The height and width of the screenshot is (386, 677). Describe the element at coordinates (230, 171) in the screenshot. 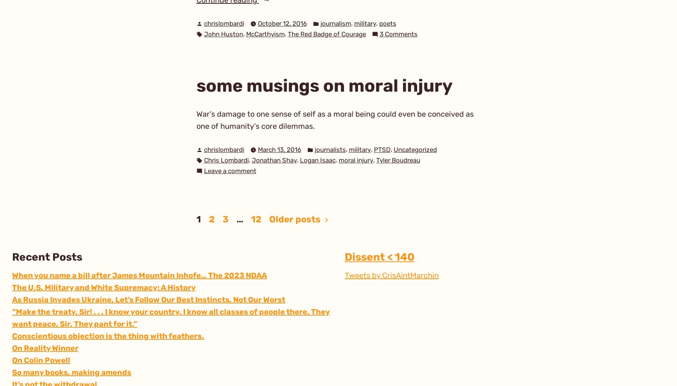

I see `'Leave a comment'` at that location.